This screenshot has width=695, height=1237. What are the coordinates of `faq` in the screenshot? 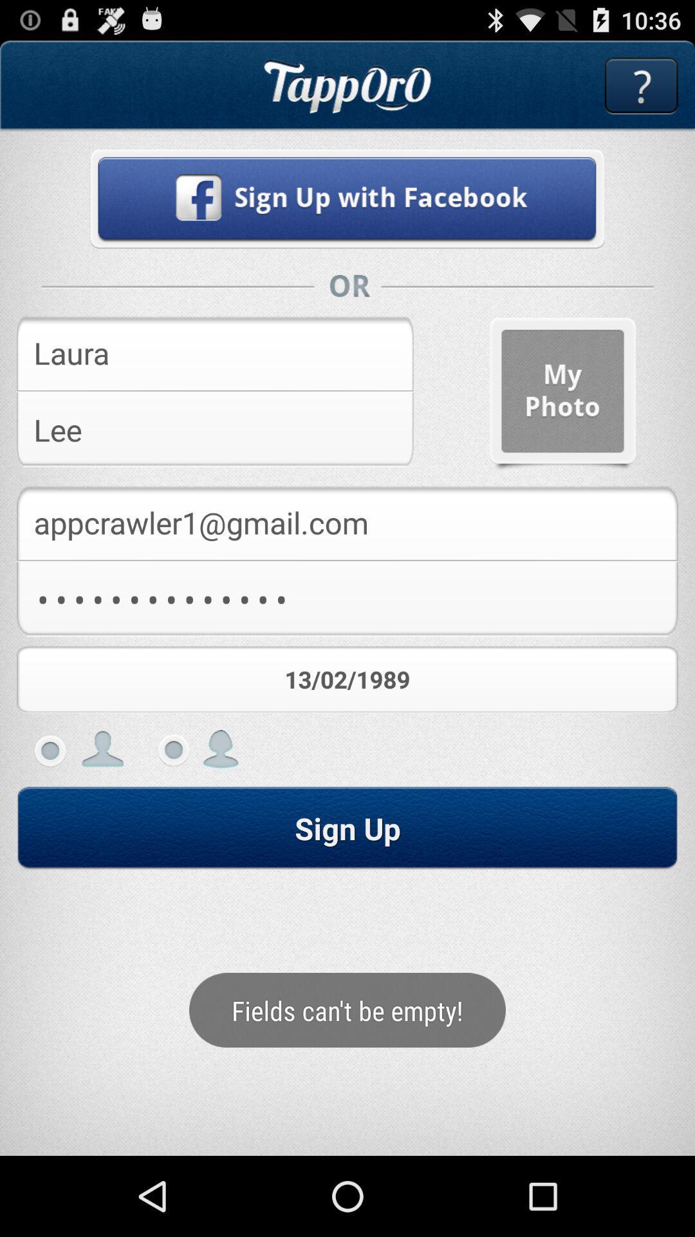 It's located at (641, 85).